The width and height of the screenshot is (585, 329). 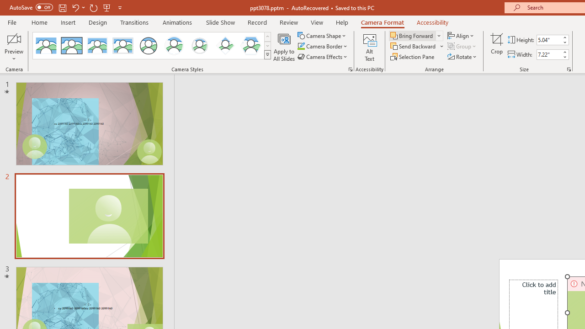 What do you see at coordinates (323, 46) in the screenshot?
I see `'Camera Border'` at bounding box center [323, 46].